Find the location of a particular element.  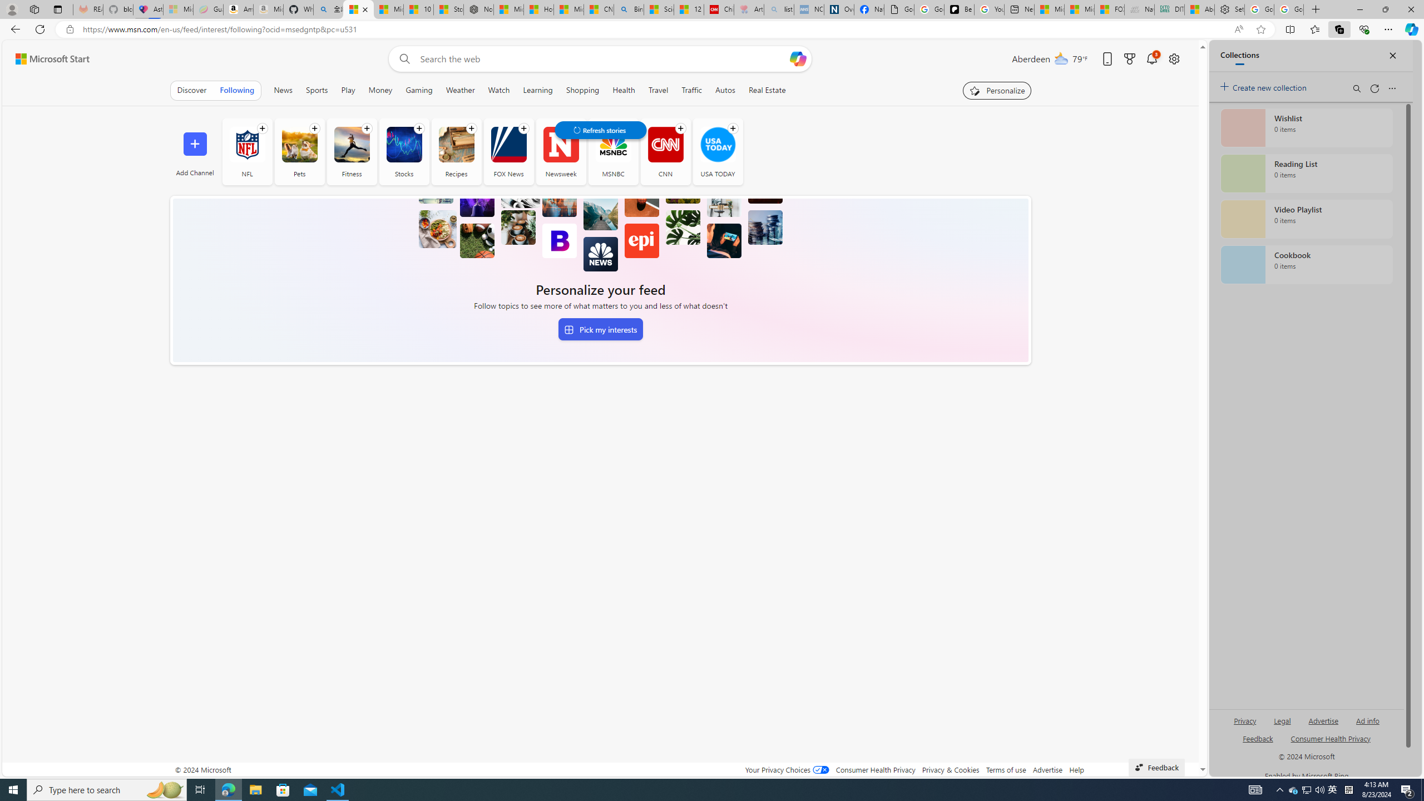

'Real Estate' is located at coordinates (767, 90).